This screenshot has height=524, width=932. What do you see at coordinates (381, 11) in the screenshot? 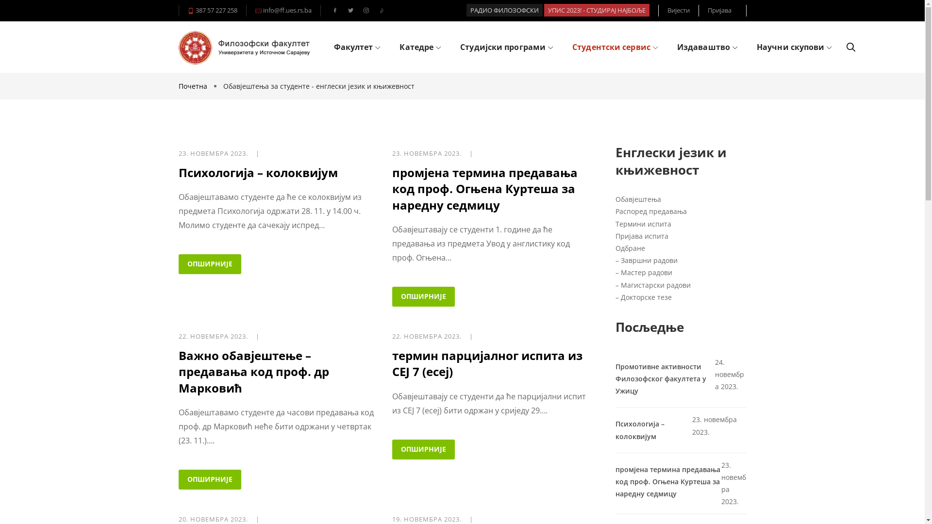
I see `'Youtube'` at bounding box center [381, 11].